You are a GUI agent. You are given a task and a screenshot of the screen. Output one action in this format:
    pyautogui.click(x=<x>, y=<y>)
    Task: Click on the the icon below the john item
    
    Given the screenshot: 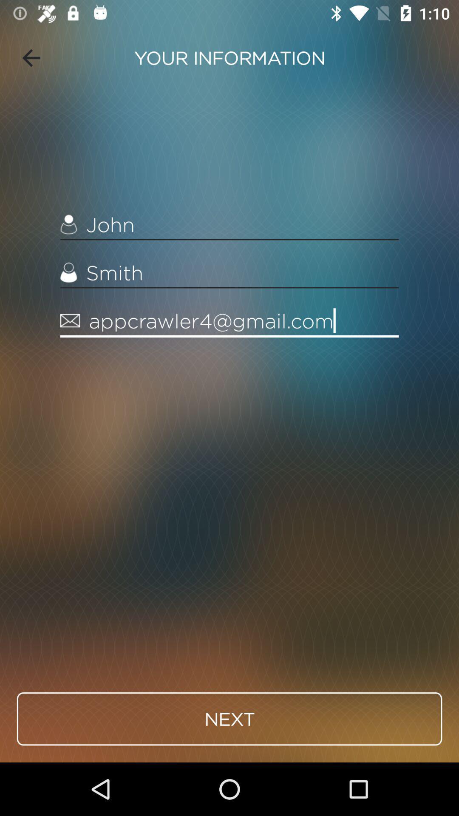 What is the action you would take?
    pyautogui.click(x=229, y=273)
    